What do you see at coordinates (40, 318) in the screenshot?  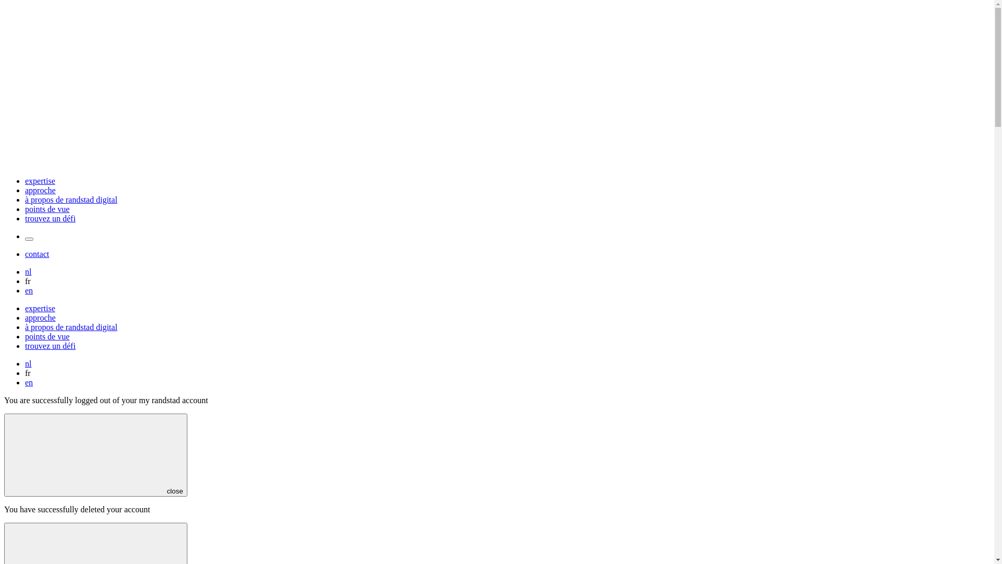 I see `'approche'` at bounding box center [40, 318].